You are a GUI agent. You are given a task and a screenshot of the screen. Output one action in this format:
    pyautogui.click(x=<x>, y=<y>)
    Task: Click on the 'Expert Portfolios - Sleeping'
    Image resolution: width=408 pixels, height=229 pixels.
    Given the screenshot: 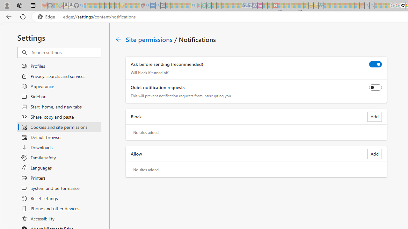 What is the action you would take?
    pyautogui.click(x=341, y=5)
    